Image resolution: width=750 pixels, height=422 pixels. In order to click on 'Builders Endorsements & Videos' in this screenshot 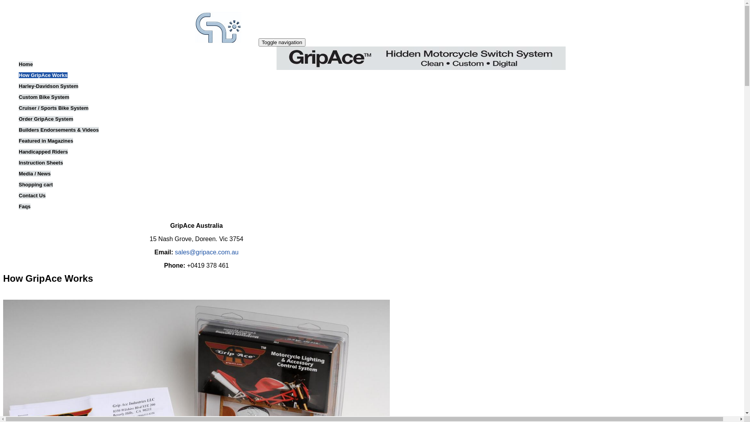, I will do `click(58, 129)`.